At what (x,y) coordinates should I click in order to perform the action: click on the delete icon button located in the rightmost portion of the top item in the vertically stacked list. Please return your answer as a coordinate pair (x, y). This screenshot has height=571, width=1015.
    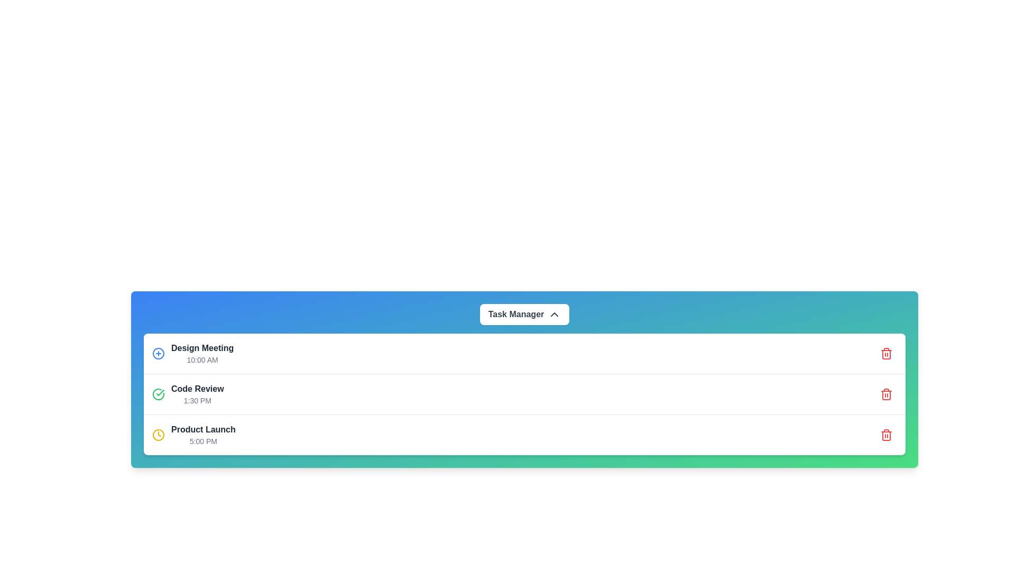
    Looking at the image, I should click on (886, 353).